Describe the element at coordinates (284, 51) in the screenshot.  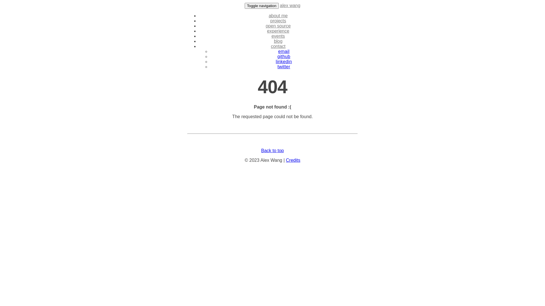
I see `'email'` at that location.